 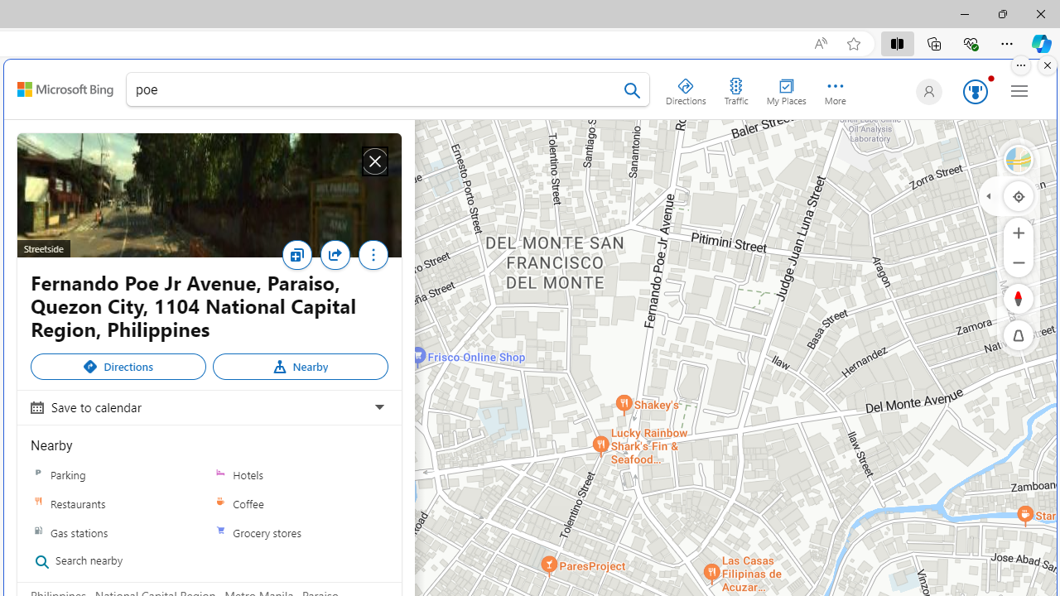 What do you see at coordinates (1018, 195) in the screenshot?
I see `'Locate me'` at bounding box center [1018, 195].